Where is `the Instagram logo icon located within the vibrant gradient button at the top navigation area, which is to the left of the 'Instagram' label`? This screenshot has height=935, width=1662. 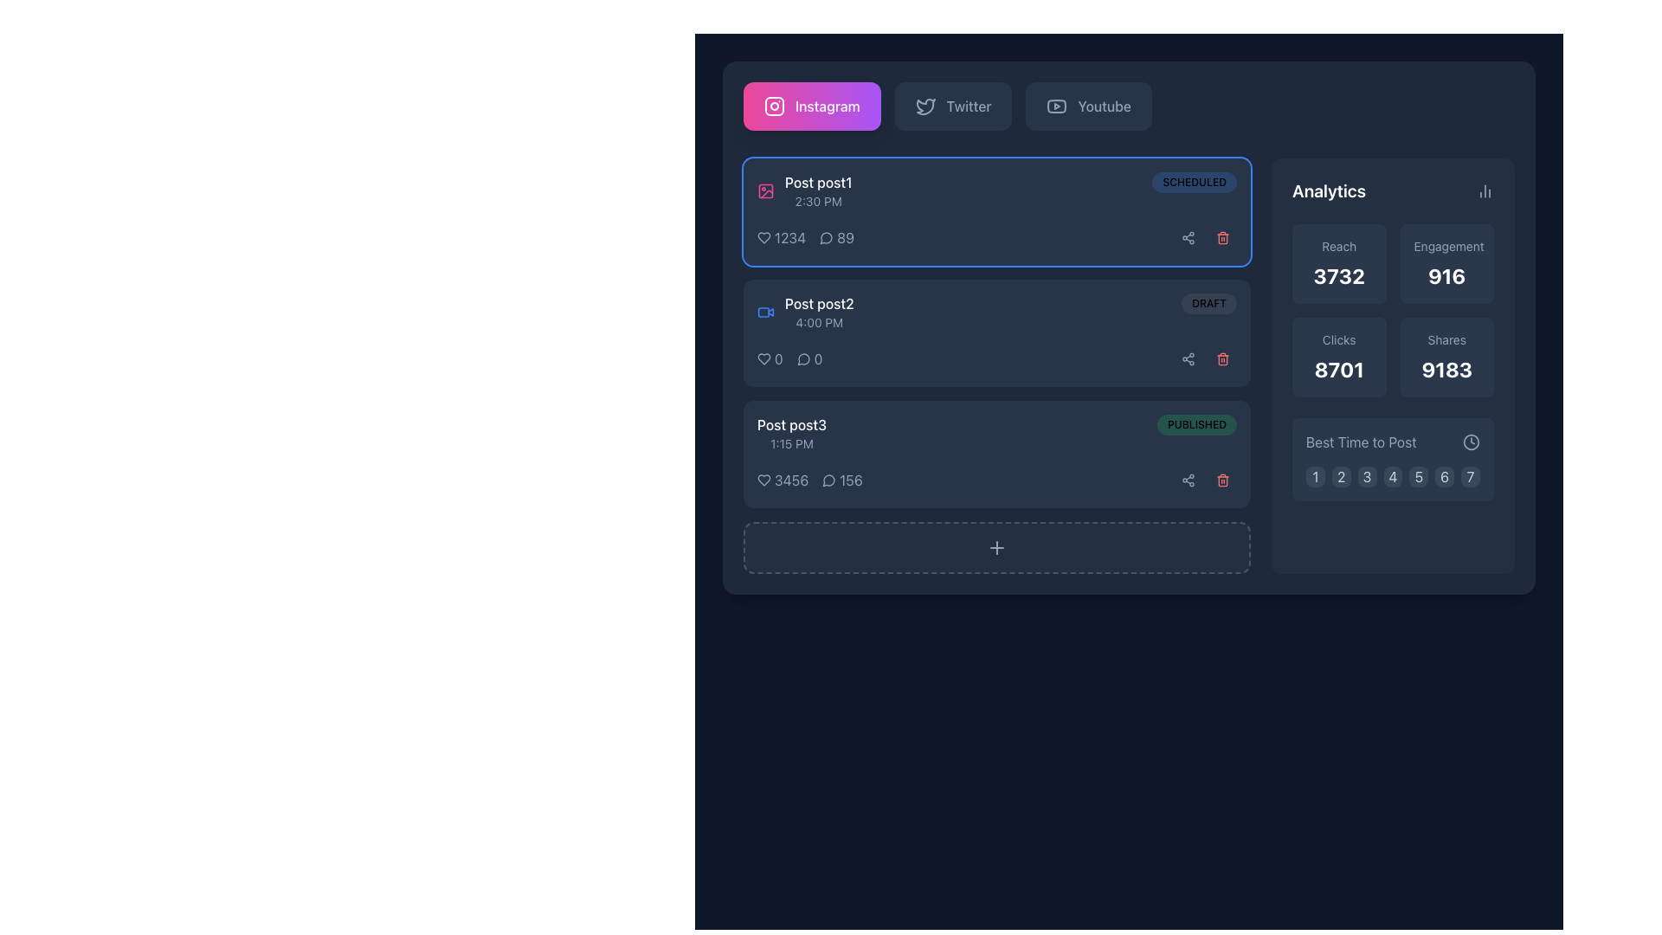 the Instagram logo icon located within the vibrant gradient button at the top navigation area, which is to the left of the 'Instagram' label is located at coordinates (773, 106).